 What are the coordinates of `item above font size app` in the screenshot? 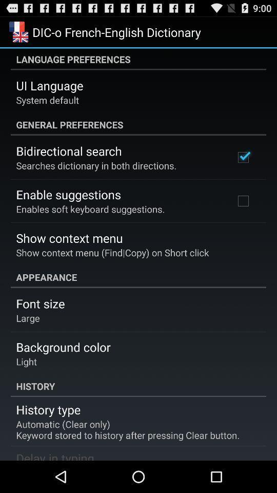 It's located at (138, 277).